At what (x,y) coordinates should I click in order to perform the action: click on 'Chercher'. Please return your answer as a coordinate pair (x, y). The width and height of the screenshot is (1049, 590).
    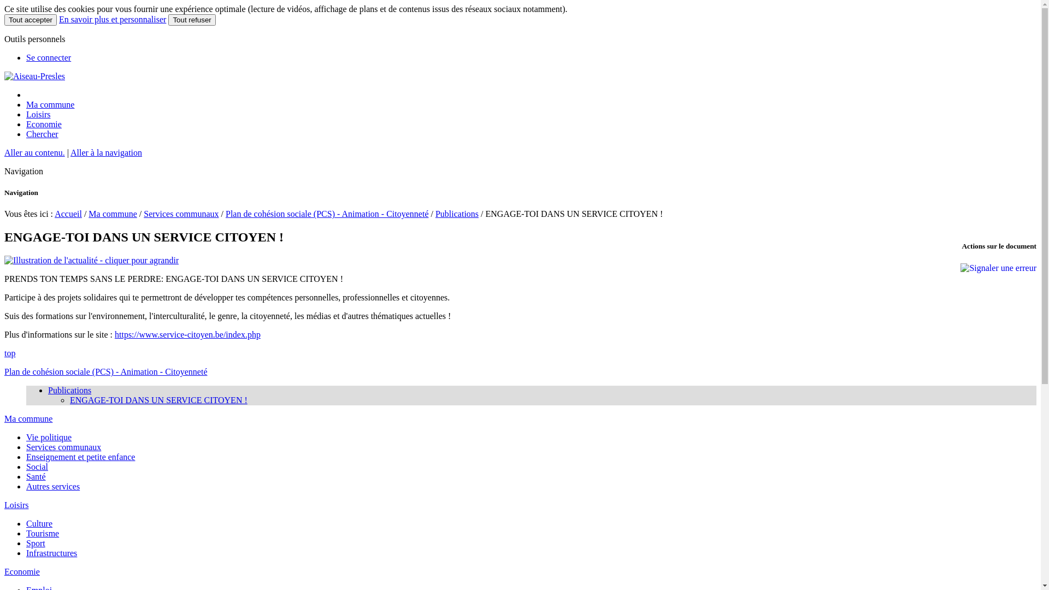
    Looking at the image, I should click on (26, 133).